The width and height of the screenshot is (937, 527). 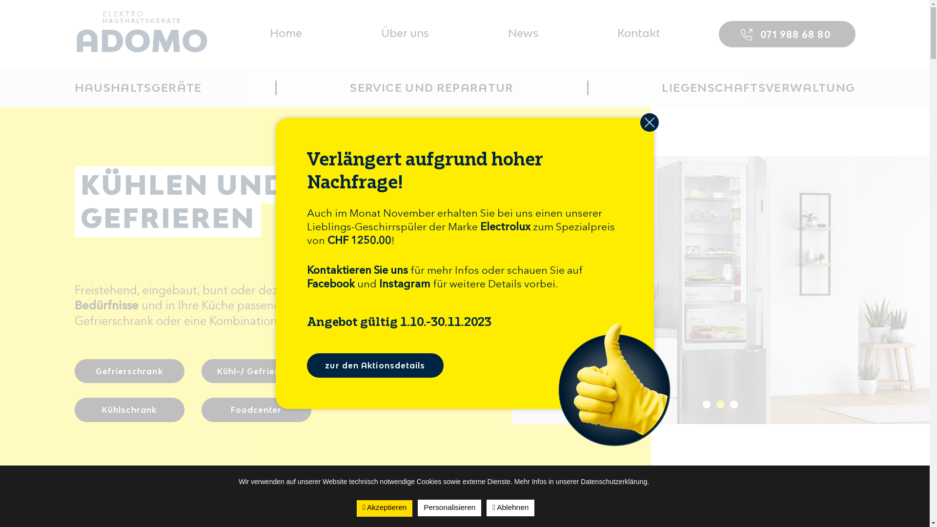 What do you see at coordinates (285, 33) in the screenshot?
I see `'Home'` at bounding box center [285, 33].